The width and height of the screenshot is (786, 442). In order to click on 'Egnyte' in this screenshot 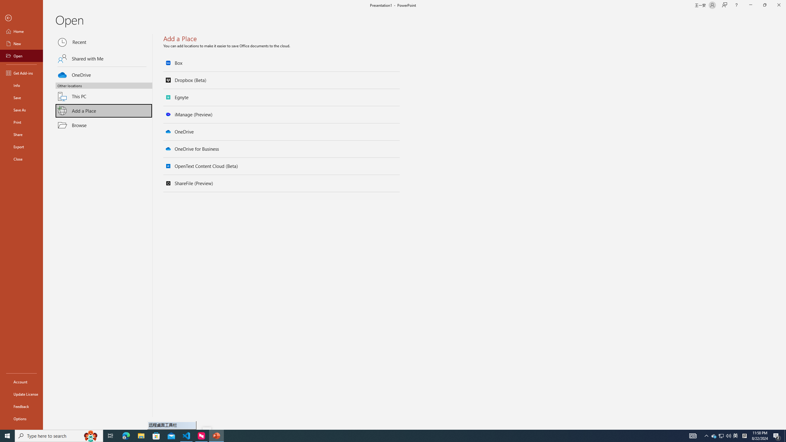, I will do `click(282, 97)`.